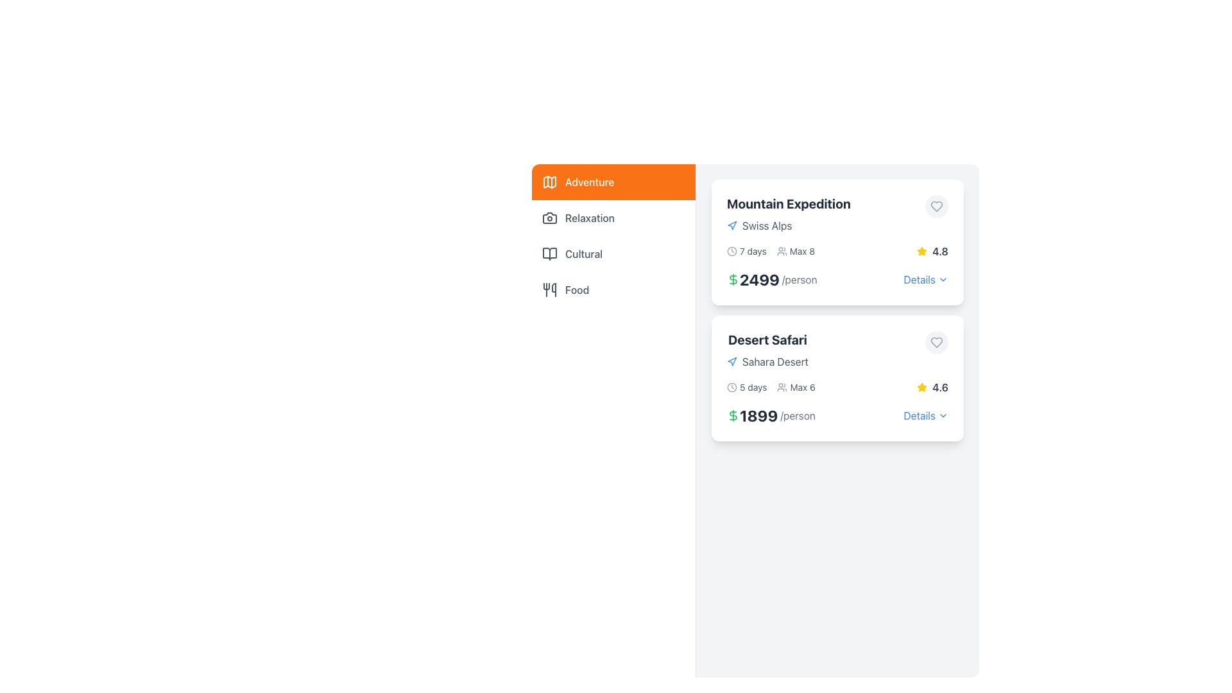  I want to click on the 'Food' text label in the vertical navigation menu, which is styled with a medium font weight and is adjacent to an icon resembling utensils, so click(576, 289).